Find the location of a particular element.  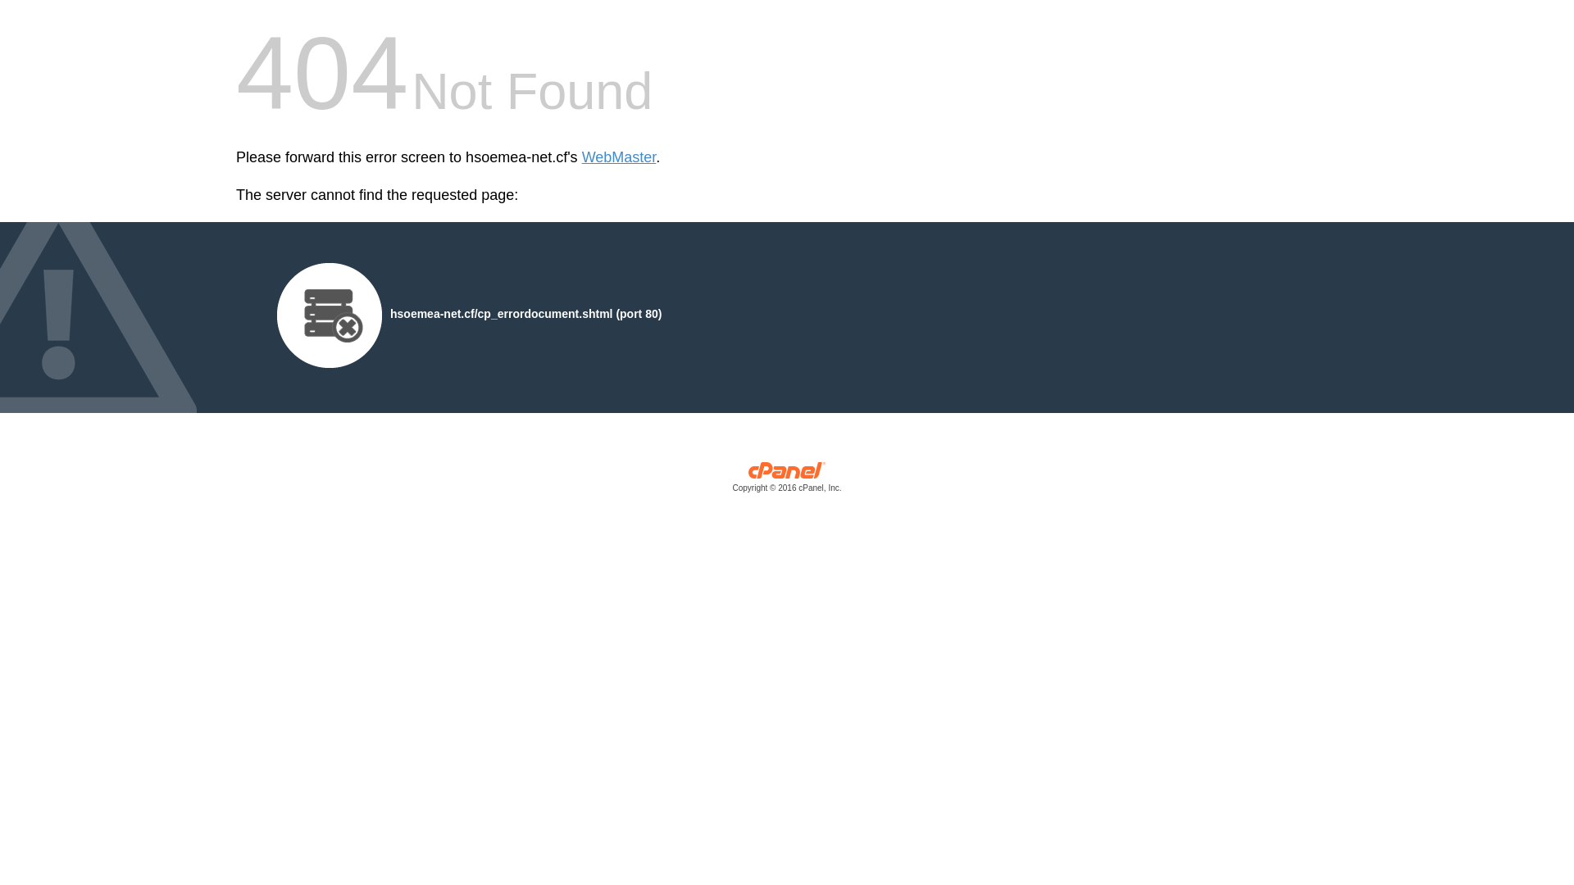

'WebMaster' is located at coordinates (618, 157).